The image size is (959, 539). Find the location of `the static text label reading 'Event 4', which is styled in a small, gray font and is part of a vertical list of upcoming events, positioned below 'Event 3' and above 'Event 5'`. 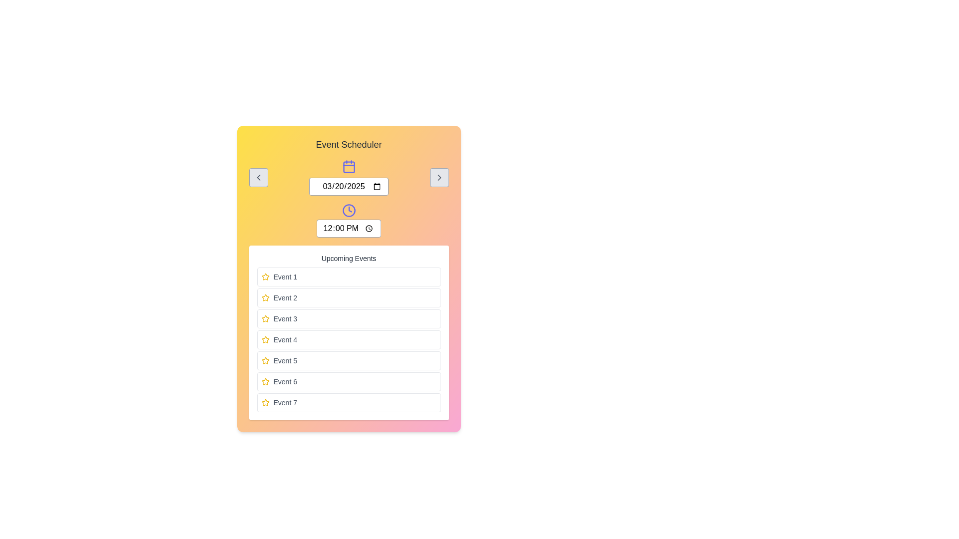

the static text label reading 'Event 4', which is styled in a small, gray font and is part of a vertical list of upcoming events, positioned below 'Event 3' and above 'Event 5' is located at coordinates (285, 339).